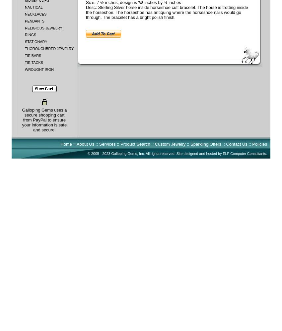 This screenshot has width=282, height=331. Describe the element at coordinates (244, 153) in the screenshot. I see `'ELF Computer Consultants'` at that location.